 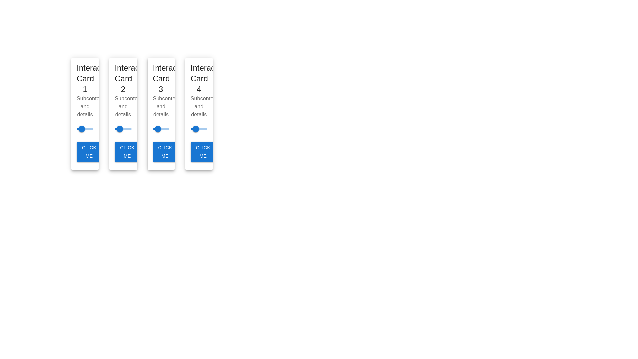 I want to click on the slider, so click(x=117, y=129).